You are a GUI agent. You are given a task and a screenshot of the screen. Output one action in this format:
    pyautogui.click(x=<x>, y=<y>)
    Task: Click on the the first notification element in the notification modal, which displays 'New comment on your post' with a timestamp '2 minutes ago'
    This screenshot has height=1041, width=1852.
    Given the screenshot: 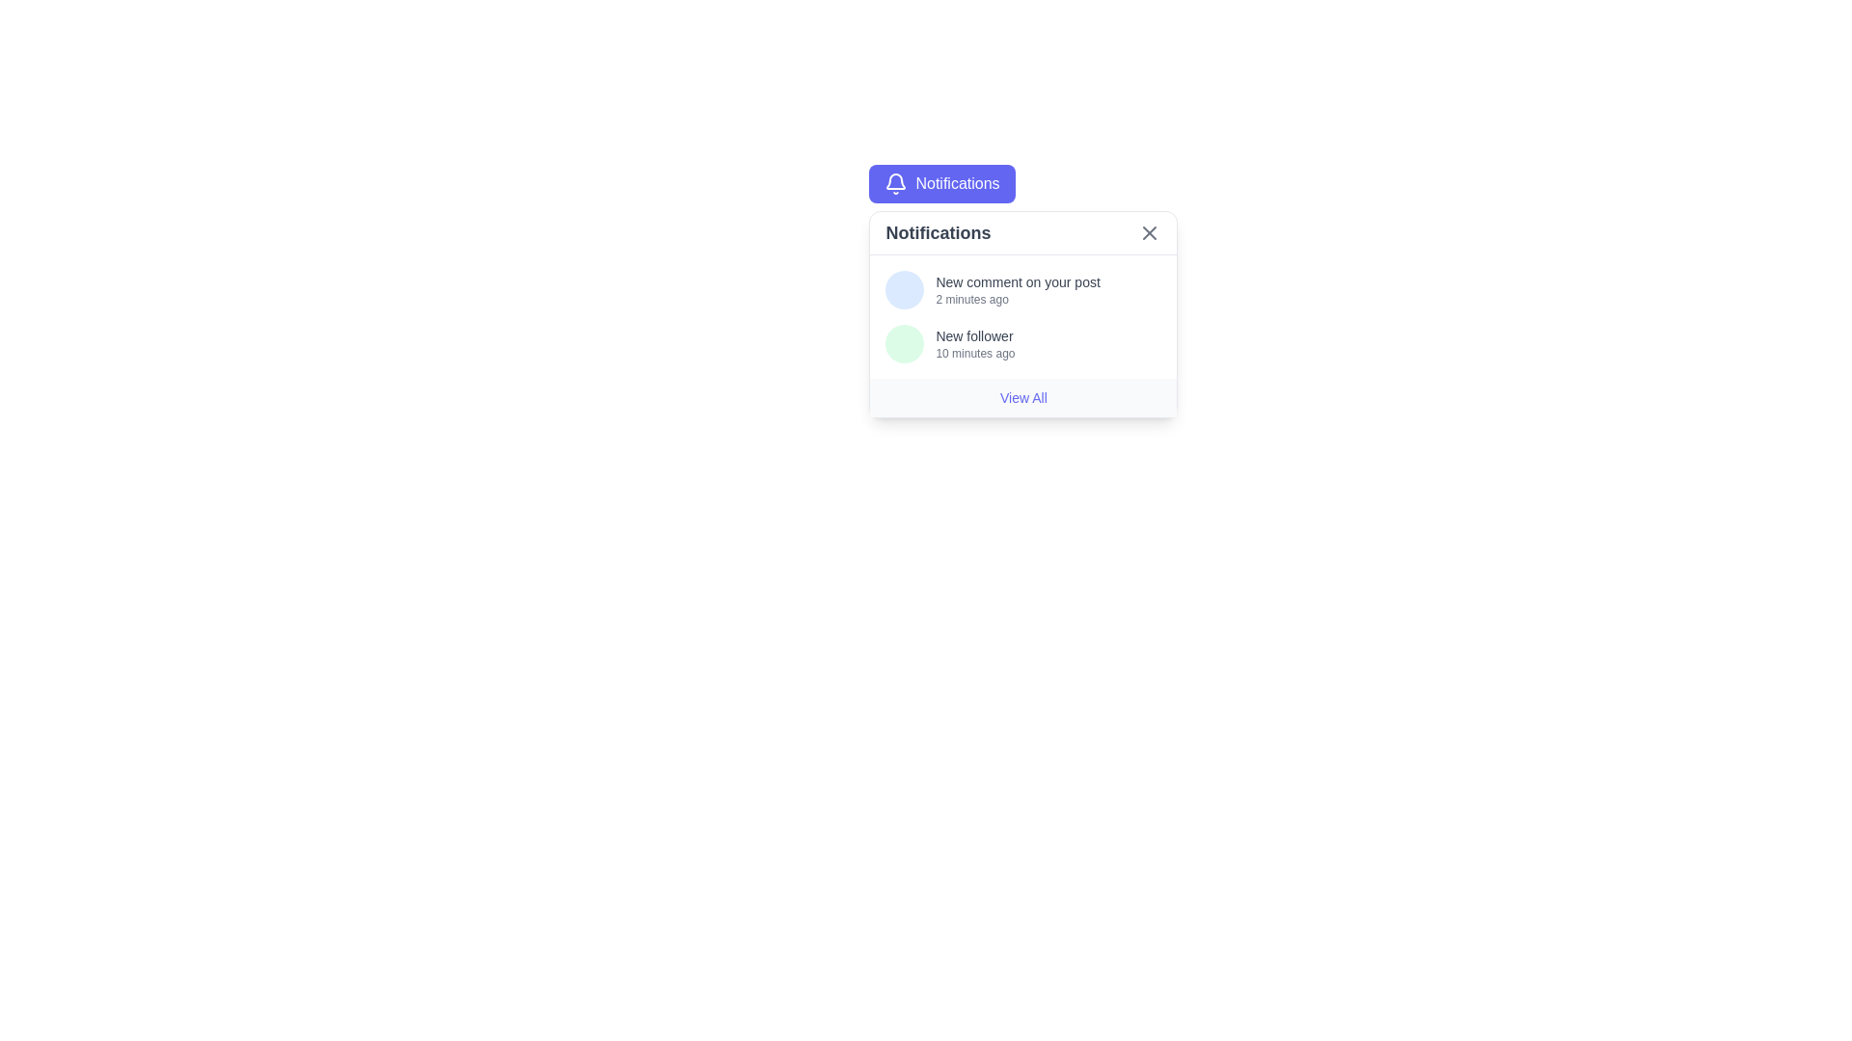 What is the action you would take?
    pyautogui.click(x=1022, y=289)
    